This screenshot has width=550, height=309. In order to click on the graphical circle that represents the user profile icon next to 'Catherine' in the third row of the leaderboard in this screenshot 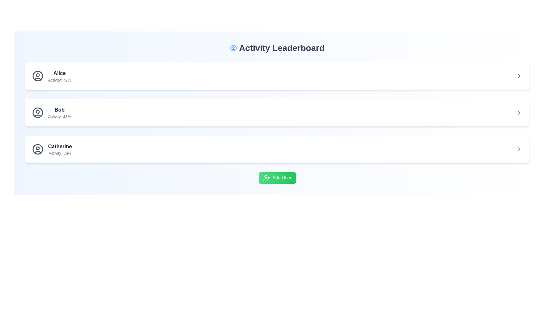, I will do `click(38, 149)`.